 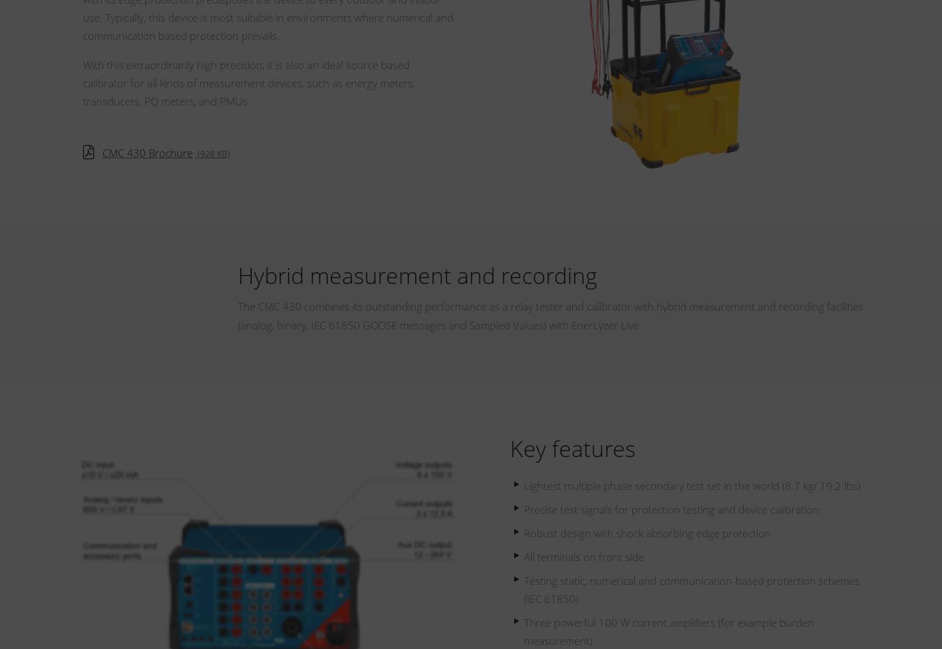 What do you see at coordinates (691, 485) in the screenshot?
I see `'Lightest multiple phase secondary test set in the world (8.7 kg/ 19.2 lbs)'` at bounding box center [691, 485].